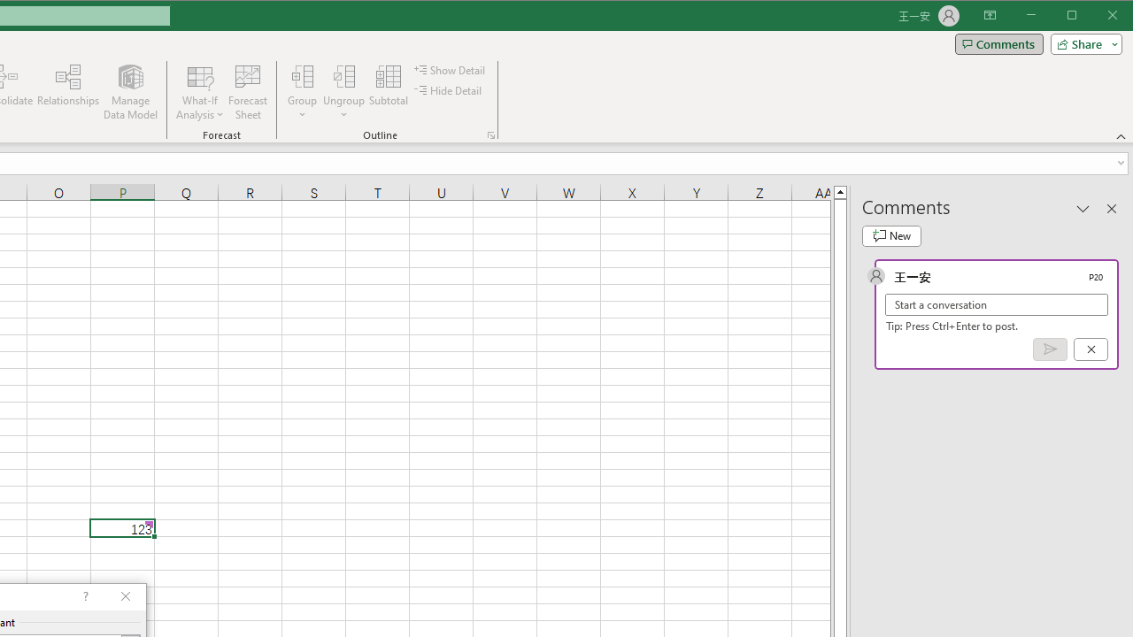  What do you see at coordinates (997, 303) in the screenshot?
I see `'Start a conversation'` at bounding box center [997, 303].